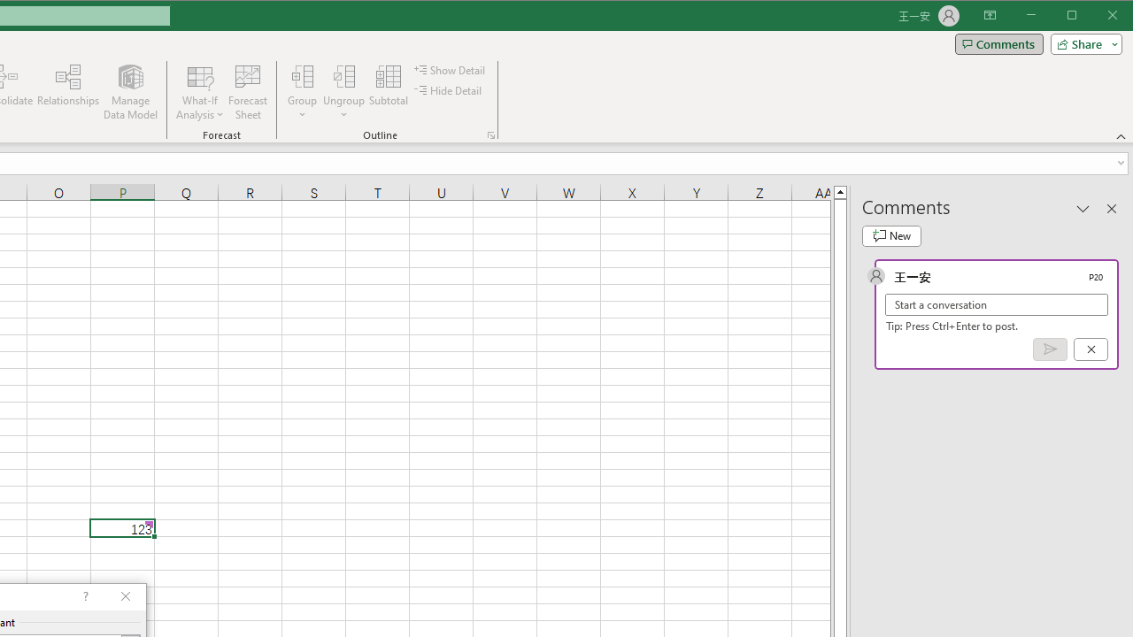  What do you see at coordinates (997, 303) in the screenshot?
I see `'Start a conversation'` at bounding box center [997, 303].